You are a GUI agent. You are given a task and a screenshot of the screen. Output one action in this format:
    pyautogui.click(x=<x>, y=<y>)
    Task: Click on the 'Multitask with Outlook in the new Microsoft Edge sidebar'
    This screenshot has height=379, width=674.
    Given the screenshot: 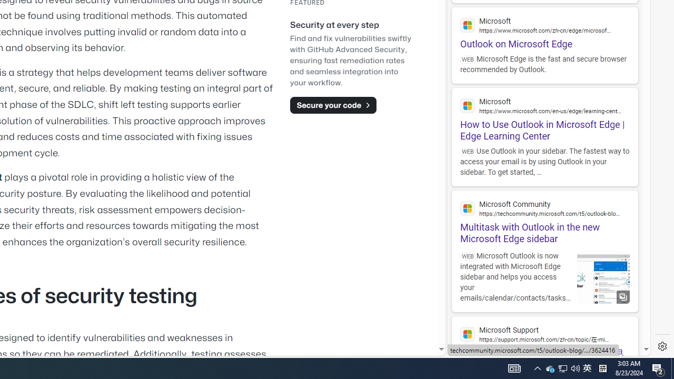 What is the action you would take?
    pyautogui.click(x=544, y=217)
    